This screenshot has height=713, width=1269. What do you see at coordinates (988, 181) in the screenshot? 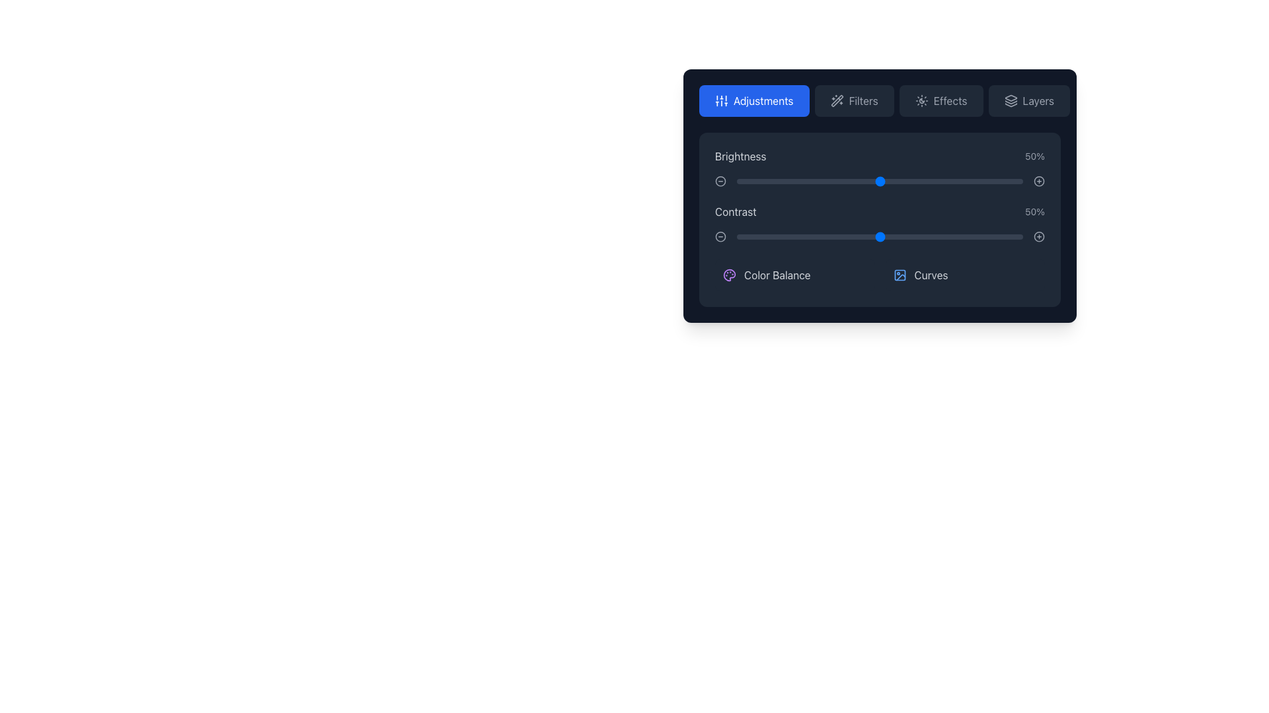
I see `brightness` at bounding box center [988, 181].